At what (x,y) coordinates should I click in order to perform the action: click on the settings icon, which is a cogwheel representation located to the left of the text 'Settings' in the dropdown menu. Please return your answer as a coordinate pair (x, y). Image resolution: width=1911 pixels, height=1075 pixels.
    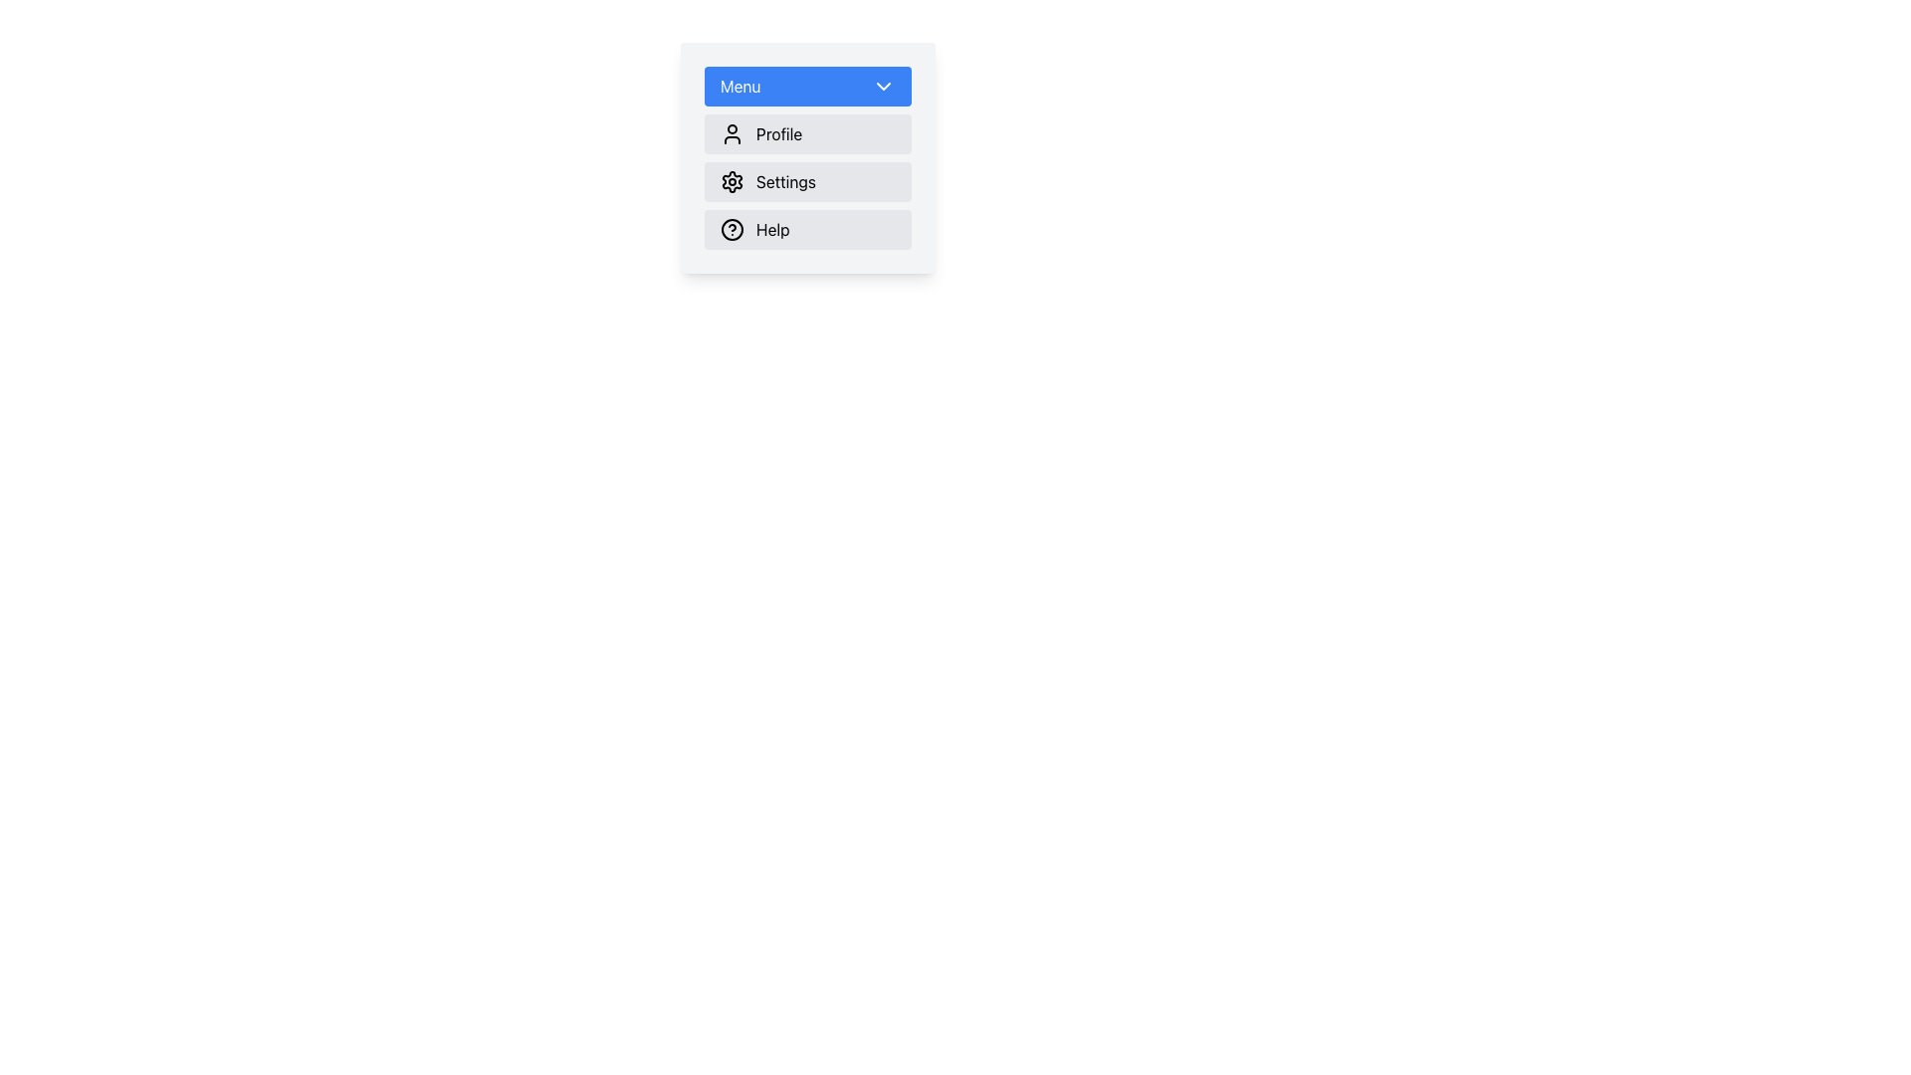
    Looking at the image, I should click on (731, 181).